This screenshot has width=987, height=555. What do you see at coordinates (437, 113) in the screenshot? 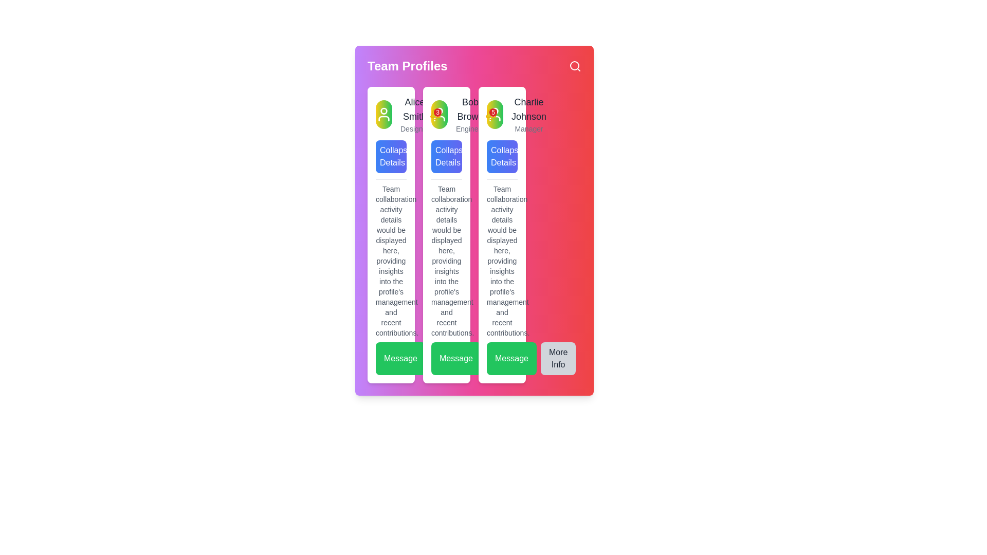
I see `the Notification badge, which is a small red circular badge with the number '3' in white text, located at the top-right corner of the yellow bell icon in the profile's notification UI` at bounding box center [437, 113].